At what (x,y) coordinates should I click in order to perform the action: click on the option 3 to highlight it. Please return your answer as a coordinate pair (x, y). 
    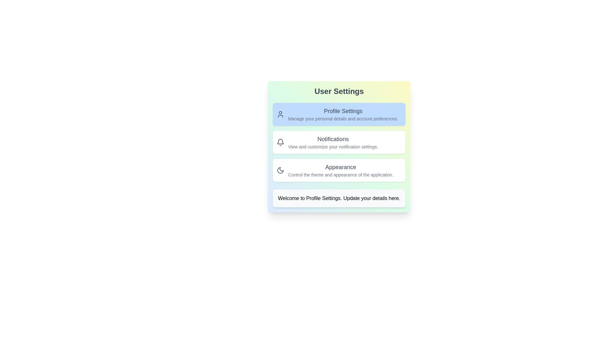
    Looking at the image, I should click on (339, 170).